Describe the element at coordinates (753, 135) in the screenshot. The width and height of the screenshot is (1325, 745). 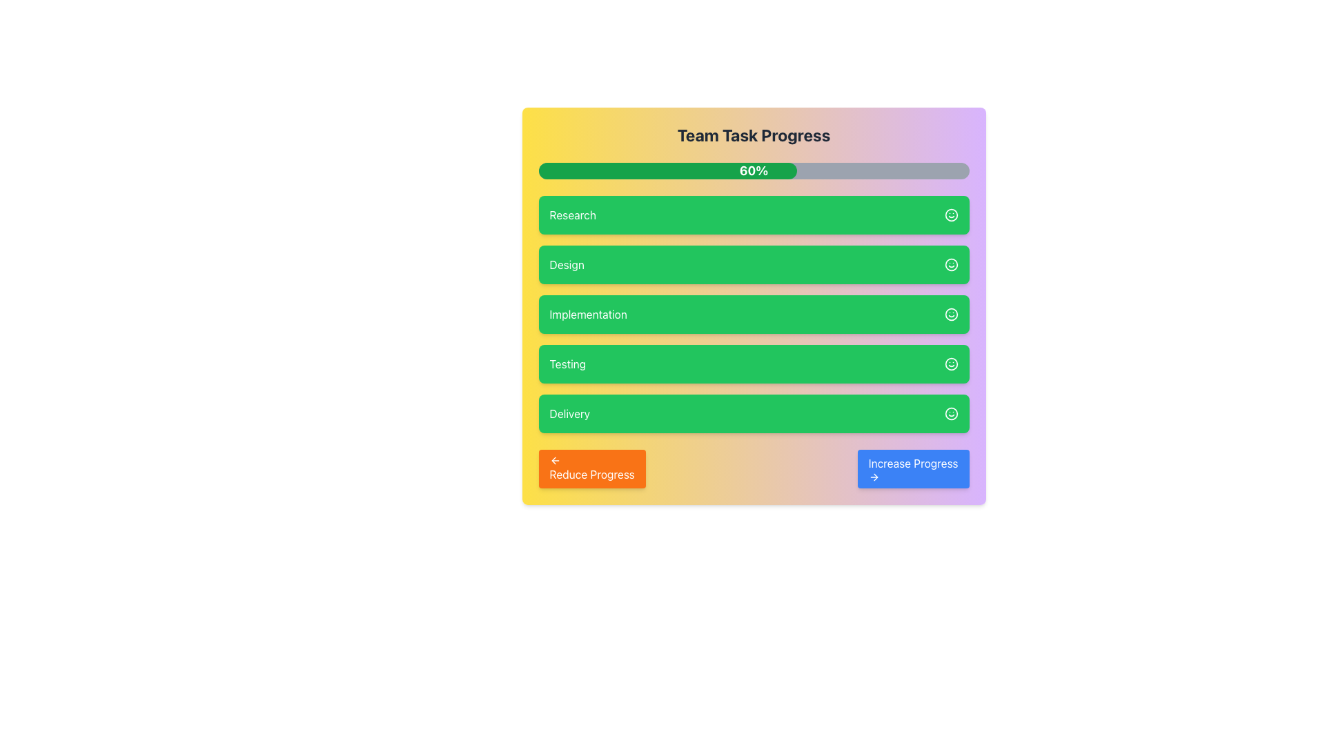
I see `the Header Text that serves as the title of the section in the task management interface, located at the top of the card-like layout` at that location.